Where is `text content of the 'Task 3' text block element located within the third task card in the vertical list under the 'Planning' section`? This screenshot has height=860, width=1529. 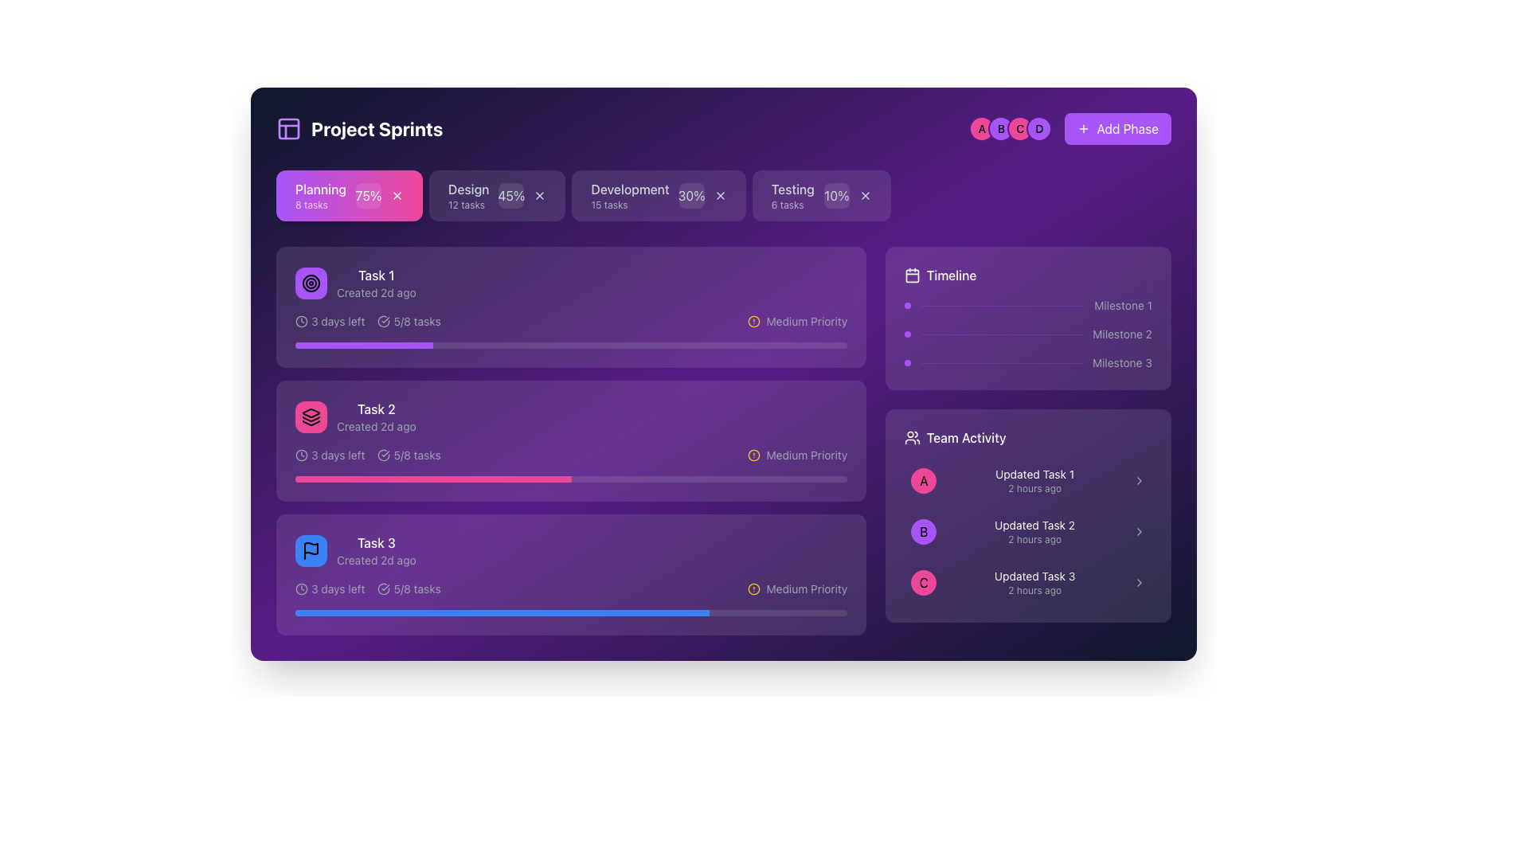
text content of the 'Task 3' text block element located within the third task card in the vertical list under the 'Planning' section is located at coordinates (375, 549).